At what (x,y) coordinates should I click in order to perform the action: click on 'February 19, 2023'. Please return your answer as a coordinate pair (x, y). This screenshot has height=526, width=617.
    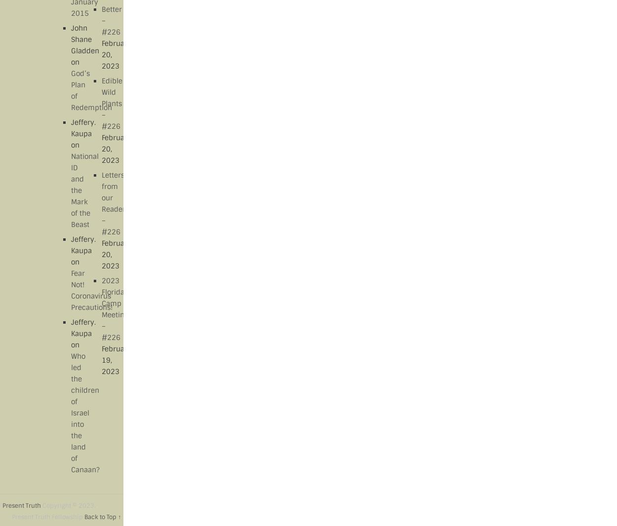
    Looking at the image, I should click on (116, 359).